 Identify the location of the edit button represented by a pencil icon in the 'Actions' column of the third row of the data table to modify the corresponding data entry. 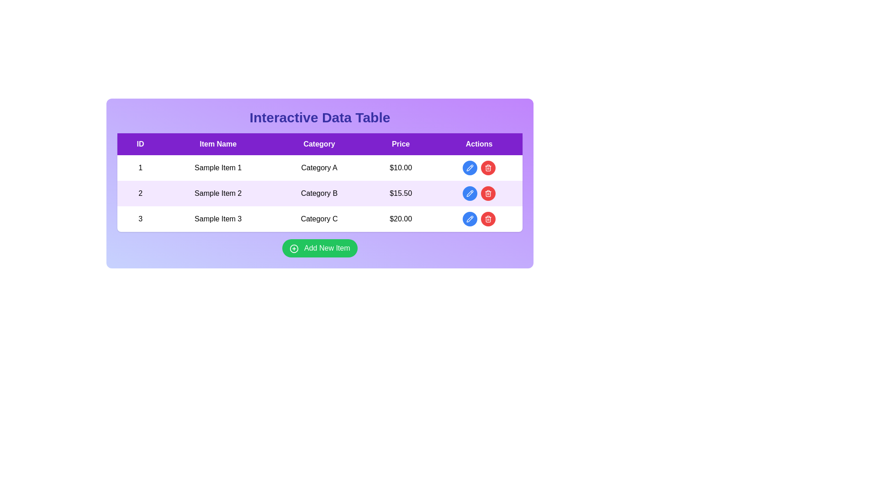
(470, 193).